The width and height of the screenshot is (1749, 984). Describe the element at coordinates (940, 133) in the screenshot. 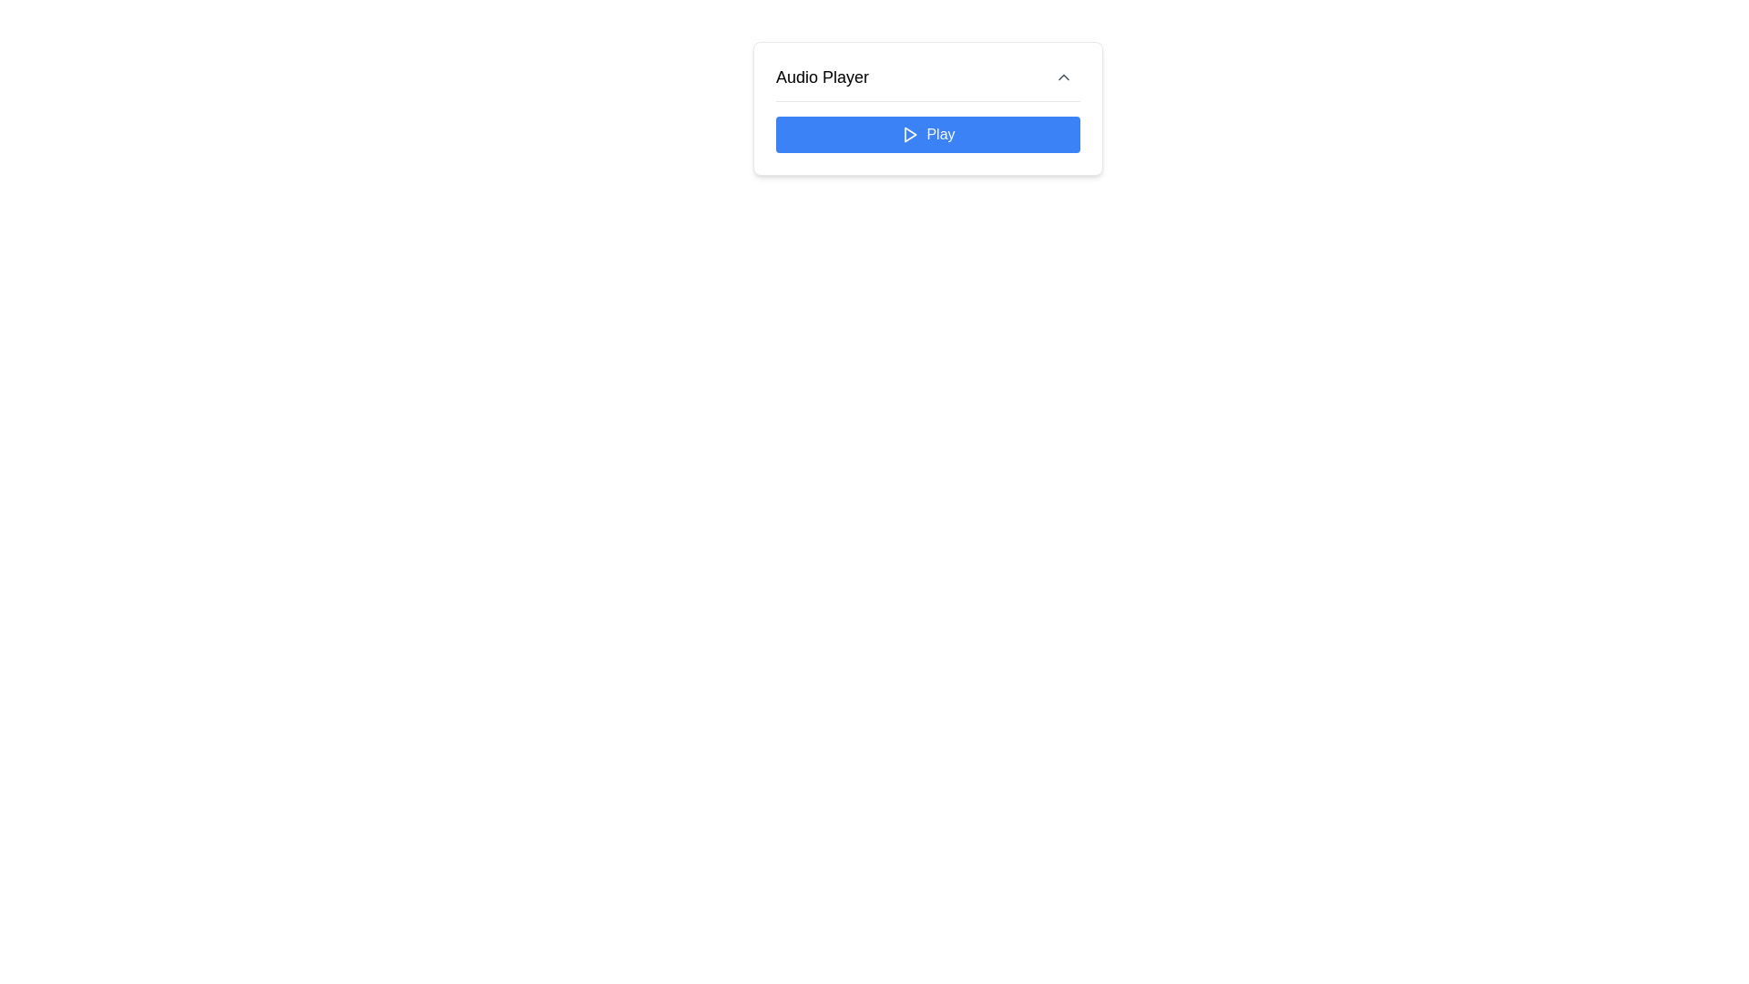

I see `the button labeled 'Play' which contains the text displayed in white on a blue rectangular background and is part of the 'Audio Player' panel` at that location.